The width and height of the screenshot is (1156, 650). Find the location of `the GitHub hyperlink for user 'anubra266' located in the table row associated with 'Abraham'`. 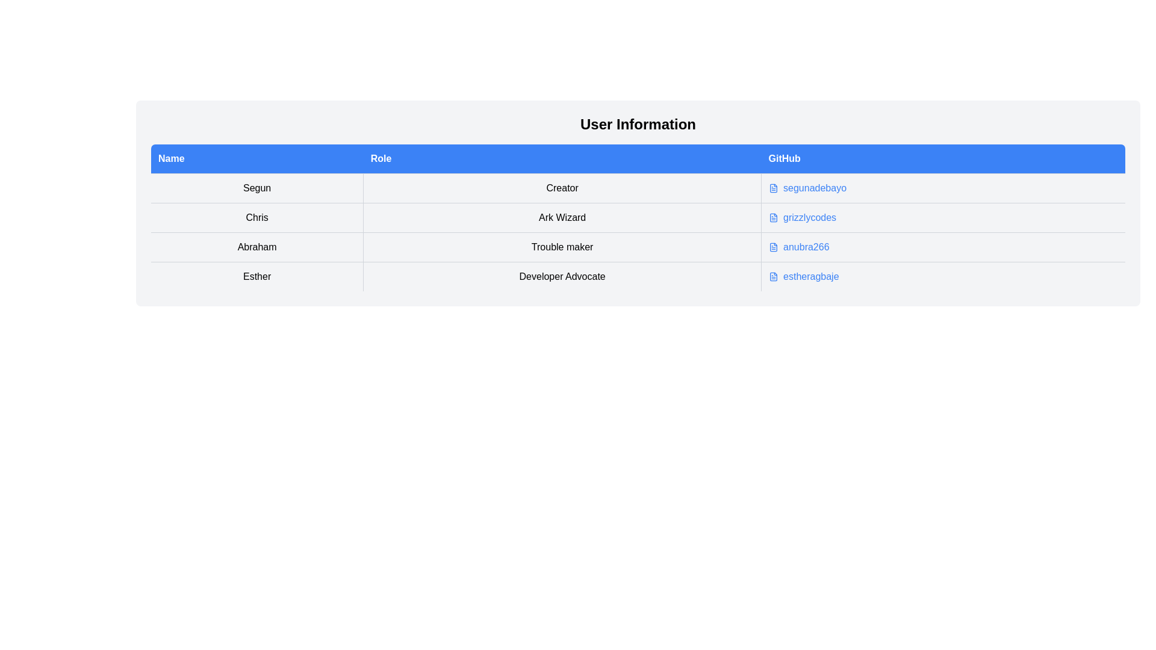

the GitHub hyperlink for user 'anubra266' located in the table row associated with 'Abraham' is located at coordinates (943, 247).